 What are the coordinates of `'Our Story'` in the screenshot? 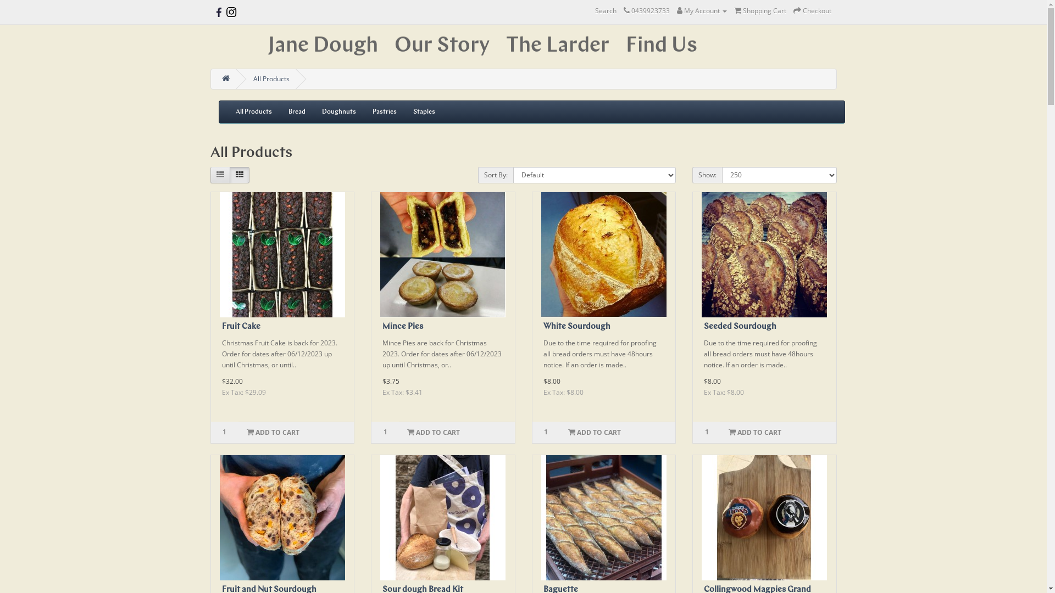 It's located at (441, 46).